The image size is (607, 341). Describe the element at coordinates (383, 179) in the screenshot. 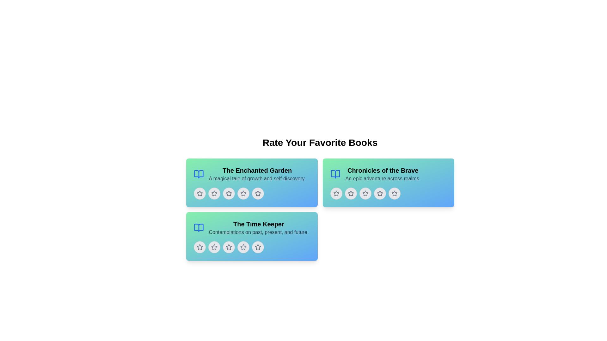

I see `the static text label that provides an informative description of the book titled 'Chronicles of the Brave', located beneath the main title and above the rating stars` at that location.